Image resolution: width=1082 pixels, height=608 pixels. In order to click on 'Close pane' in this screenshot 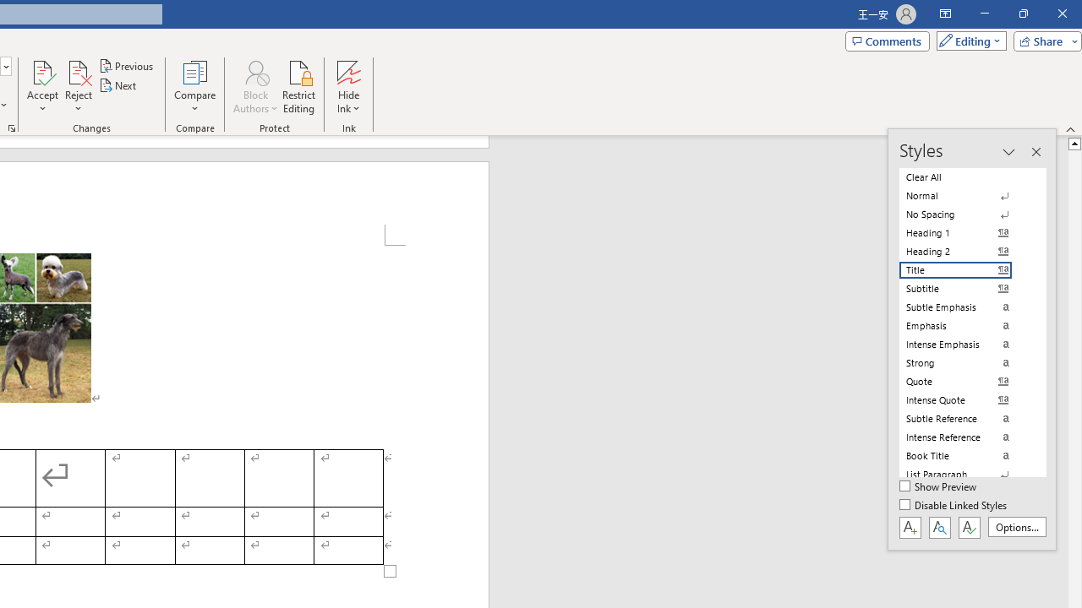, I will do `click(1035, 152)`.